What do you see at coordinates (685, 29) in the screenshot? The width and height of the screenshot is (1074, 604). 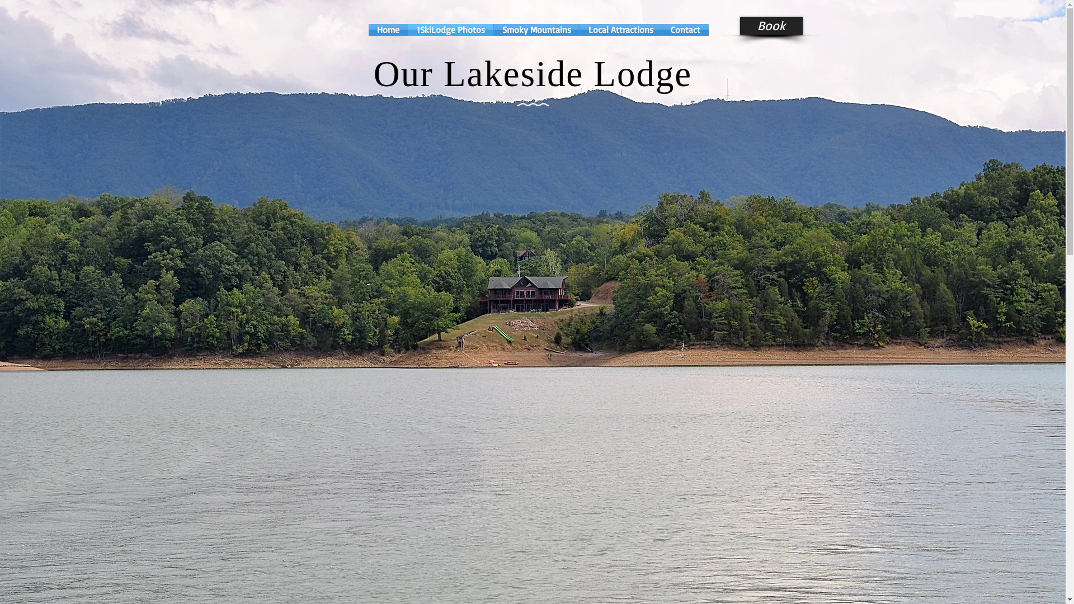 I see `'Contact'` at bounding box center [685, 29].